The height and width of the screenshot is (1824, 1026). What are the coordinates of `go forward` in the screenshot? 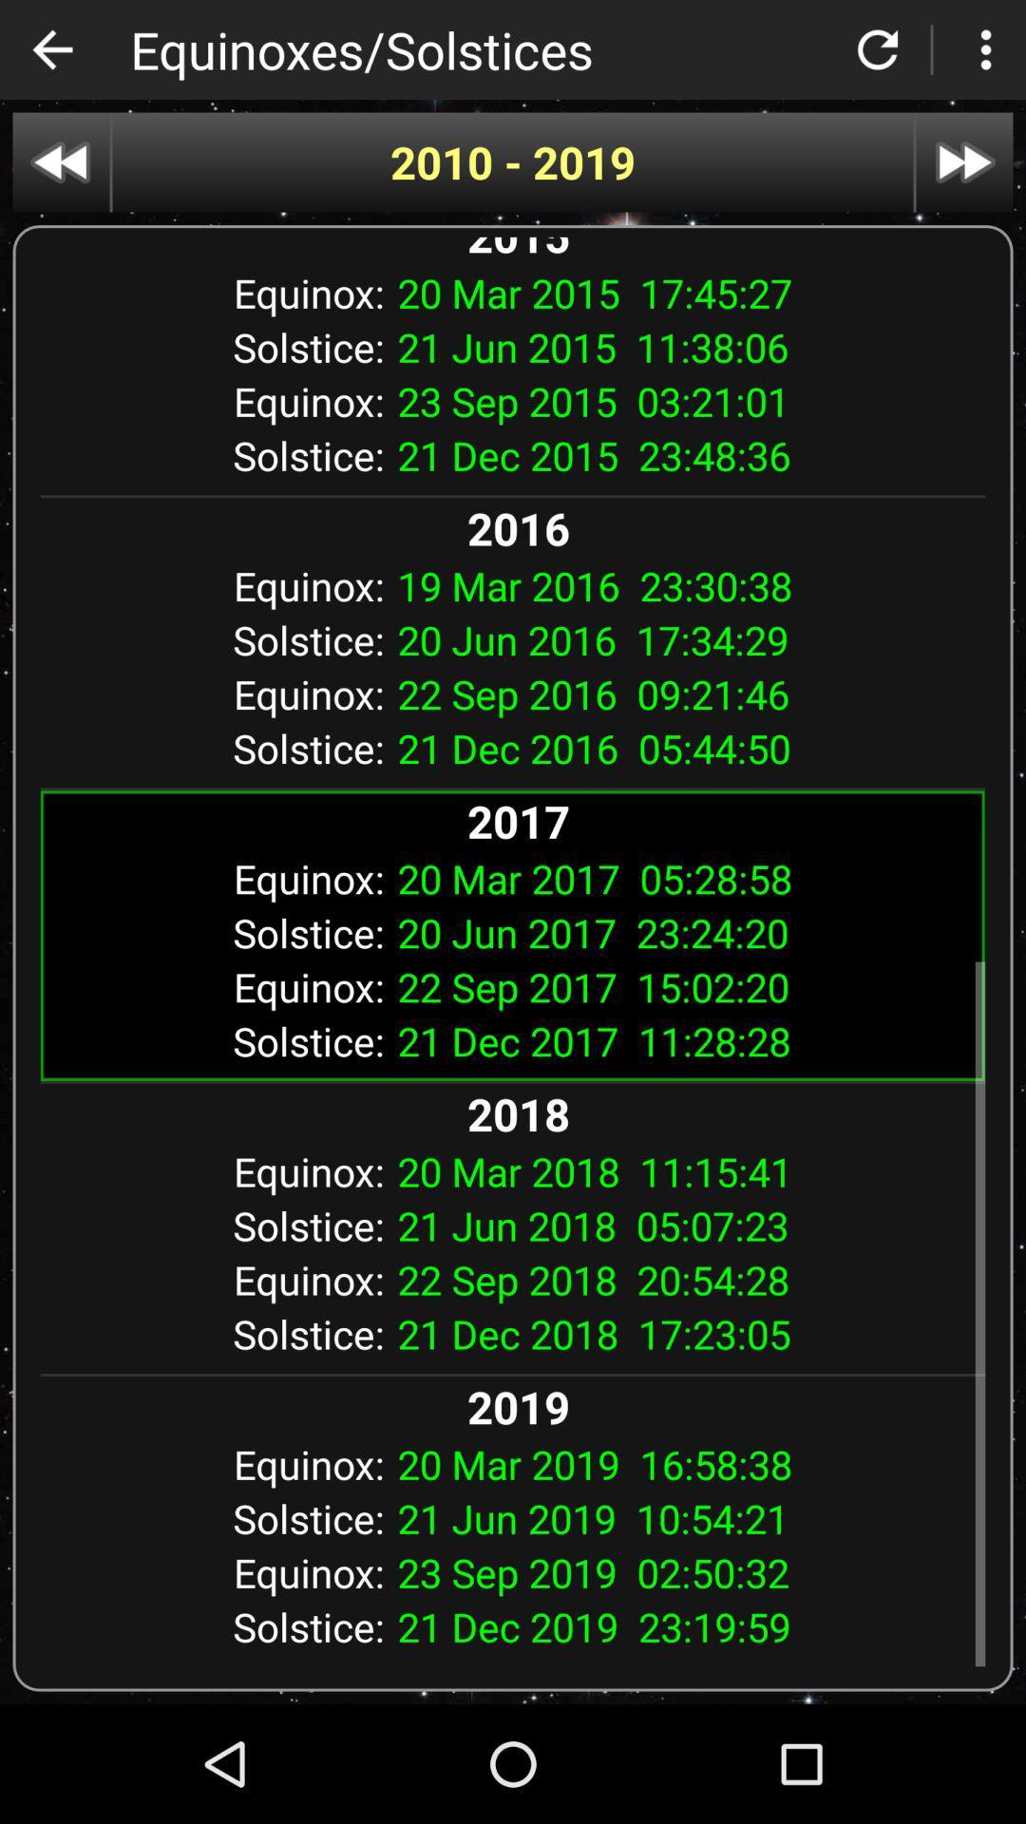 It's located at (964, 162).